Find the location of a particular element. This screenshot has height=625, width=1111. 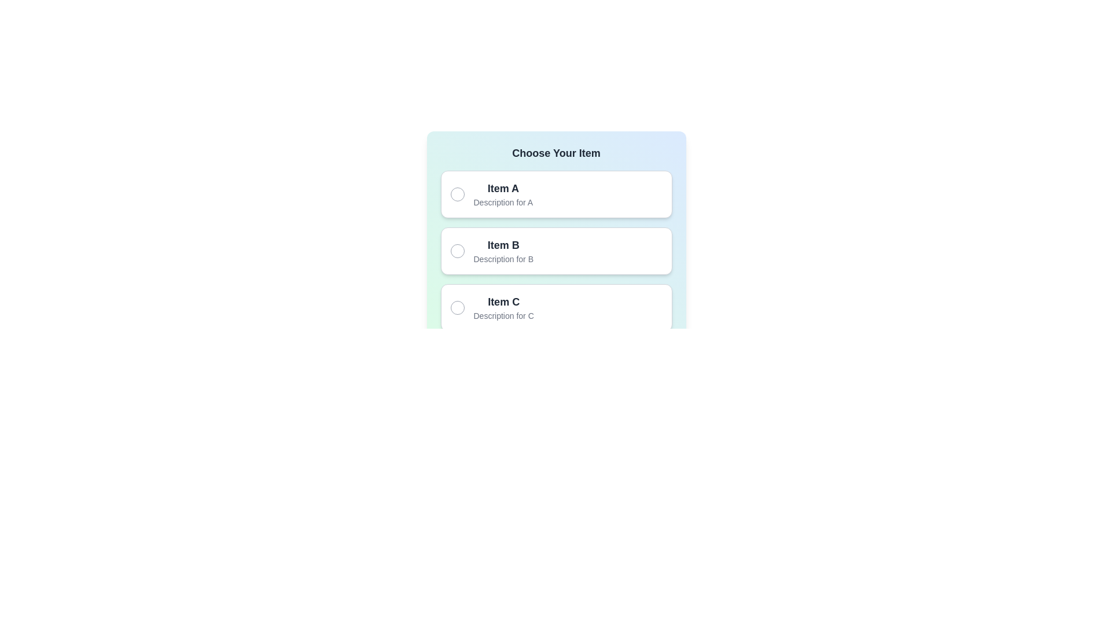

the text label displaying 'Description for C', which is styled in a smaller grayish font and located below the title 'Item C' is located at coordinates (503, 316).